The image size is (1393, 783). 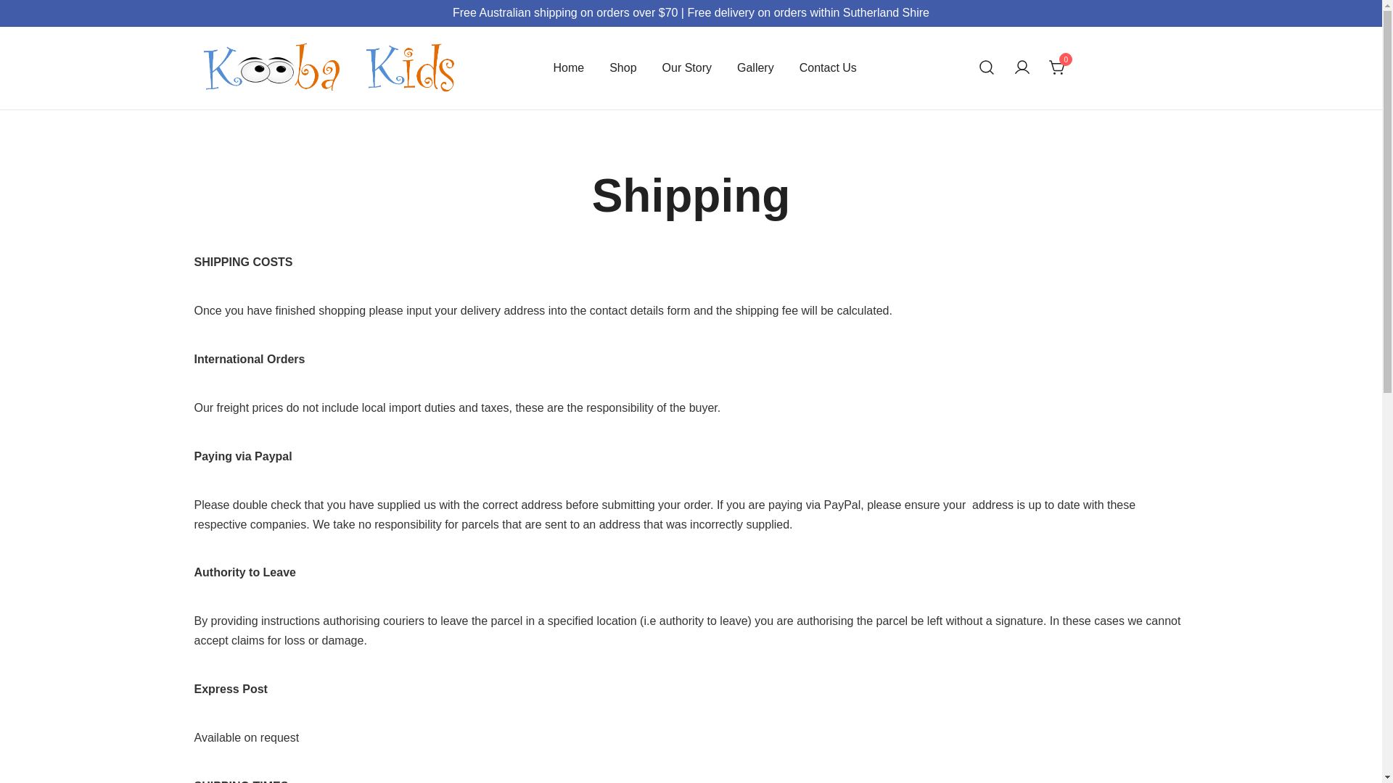 What do you see at coordinates (686, 68) in the screenshot?
I see `'Our Story'` at bounding box center [686, 68].